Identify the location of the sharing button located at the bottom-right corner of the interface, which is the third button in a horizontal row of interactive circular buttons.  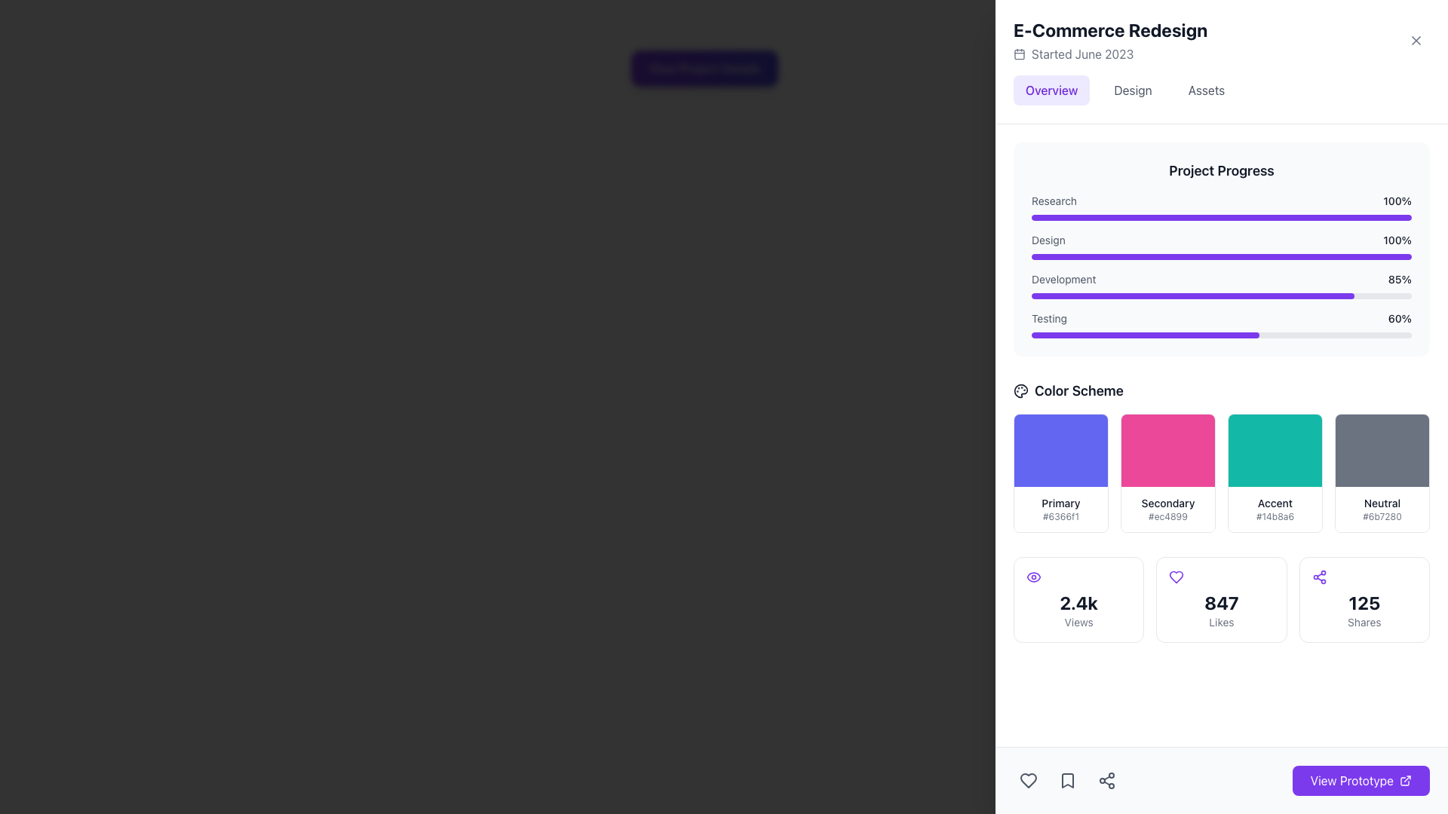
(1107, 780).